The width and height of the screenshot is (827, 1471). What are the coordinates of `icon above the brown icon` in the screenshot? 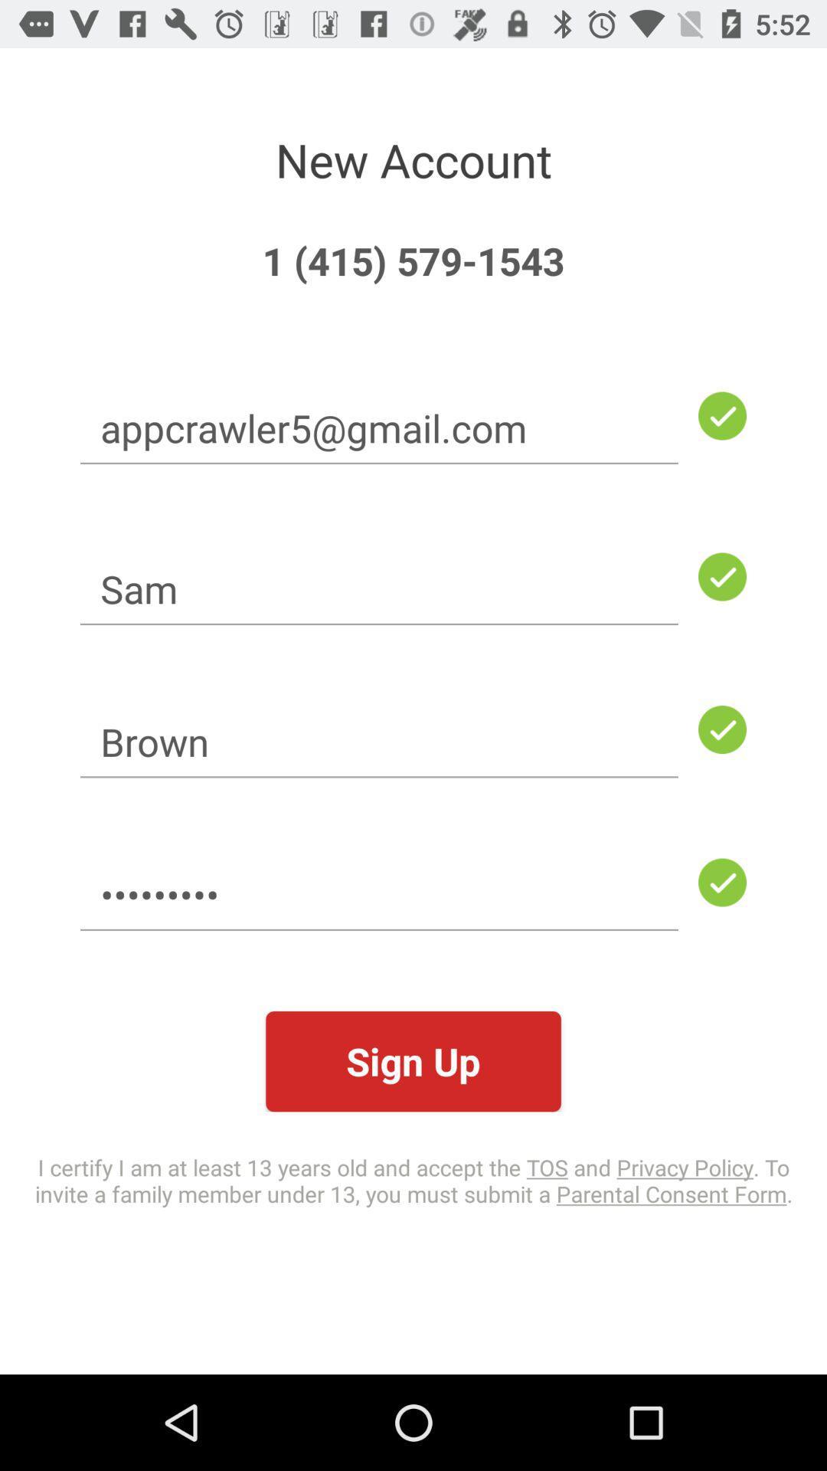 It's located at (379, 588).